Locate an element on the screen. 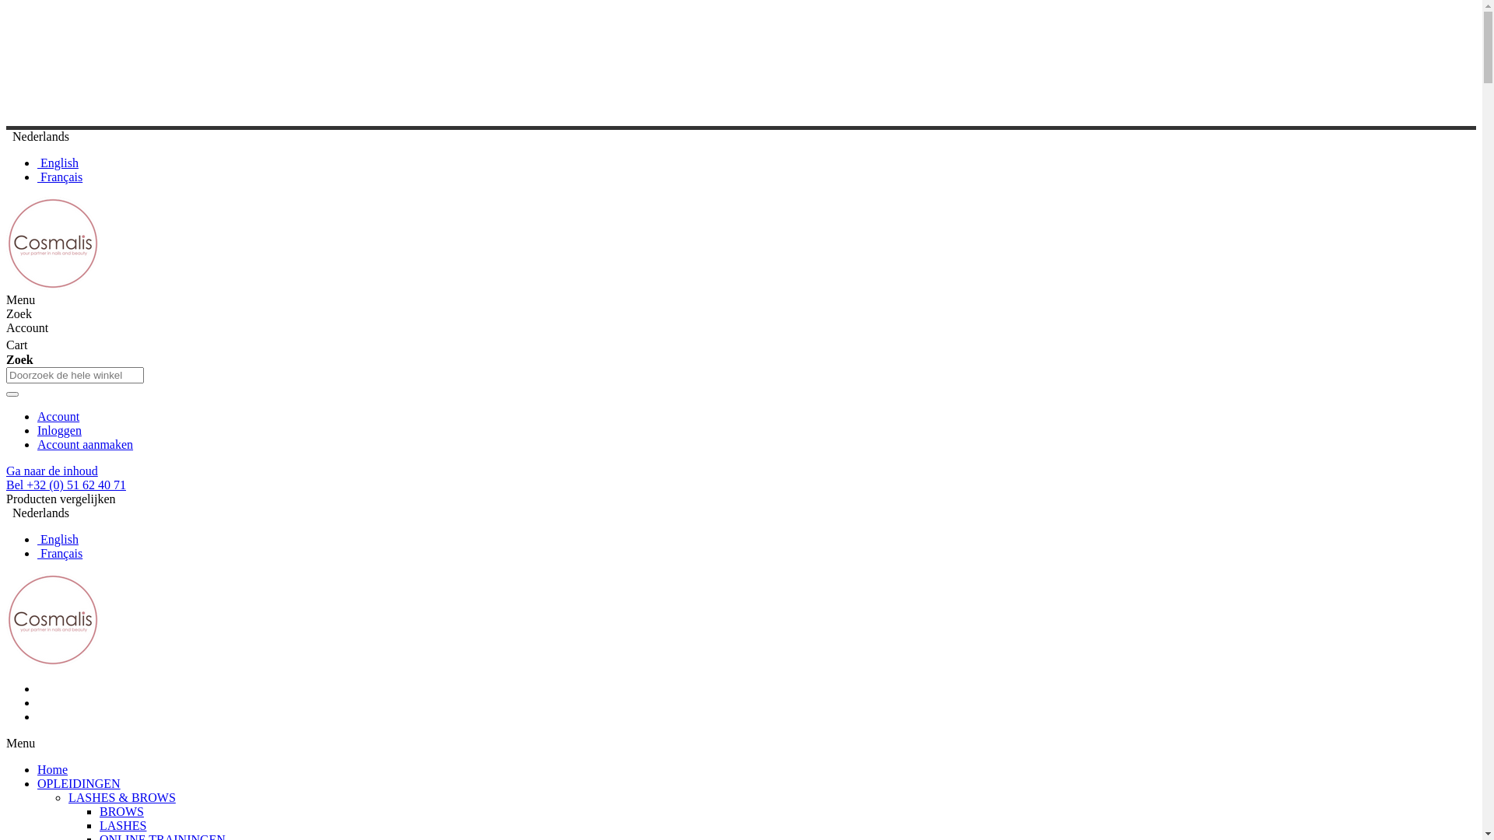  'Home' is located at coordinates (52, 768).